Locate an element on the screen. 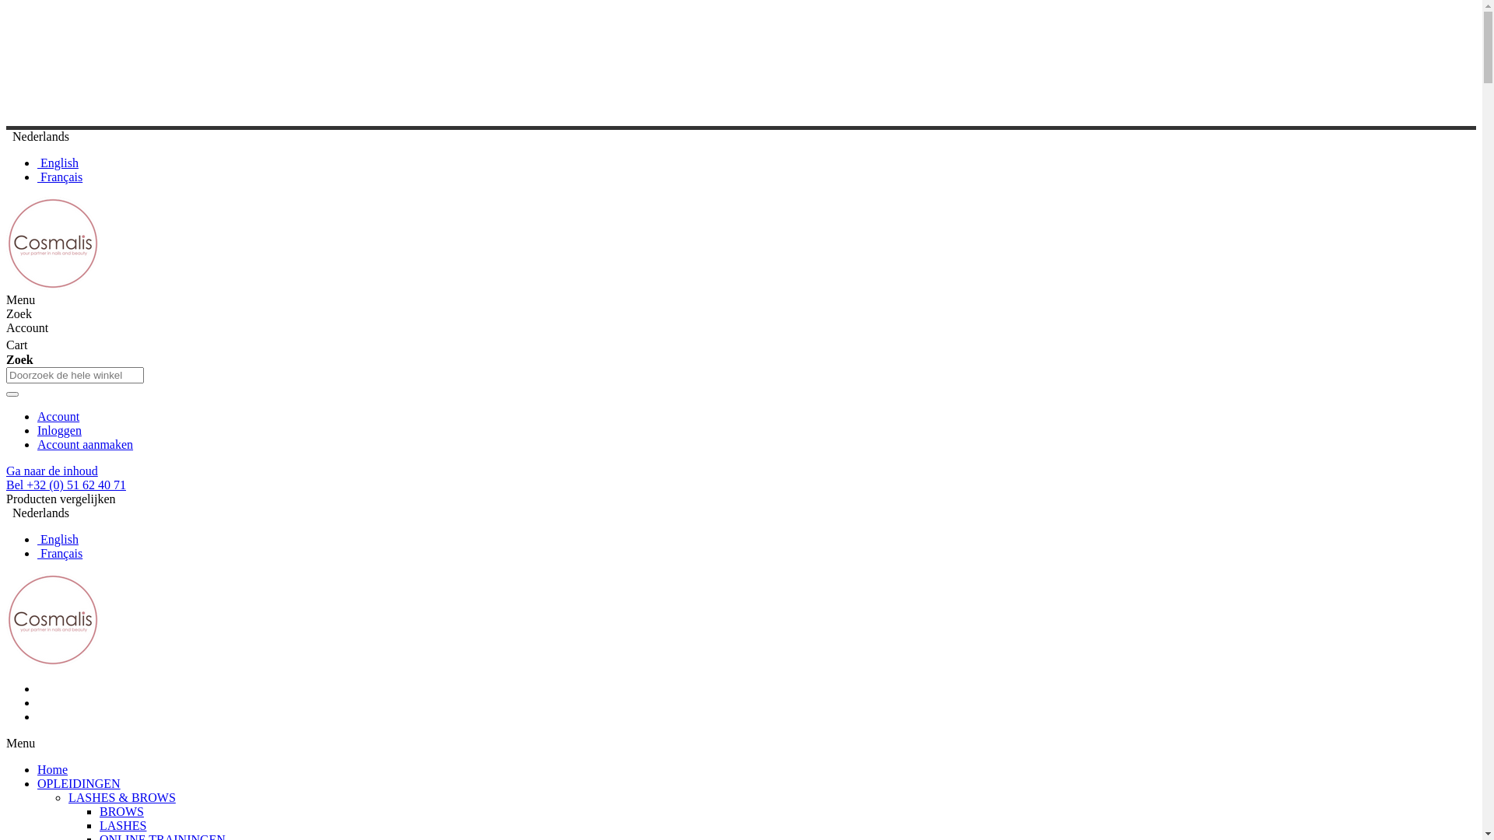  'Home' is located at coordinates (52, 768).